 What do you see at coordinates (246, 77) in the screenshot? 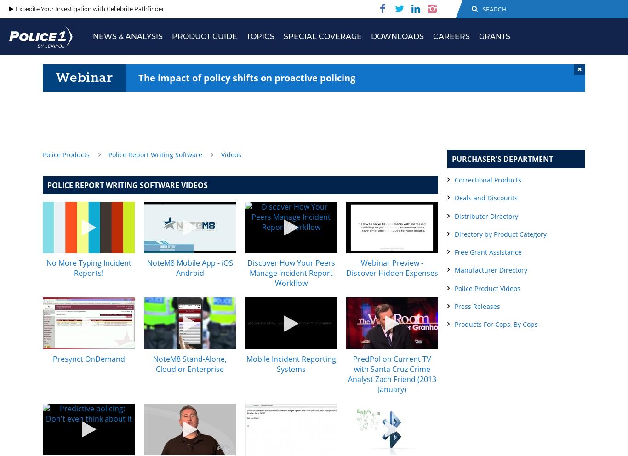
I see `'The impact of policy shifts on proactive policing'` at bounding box center [246, 77].